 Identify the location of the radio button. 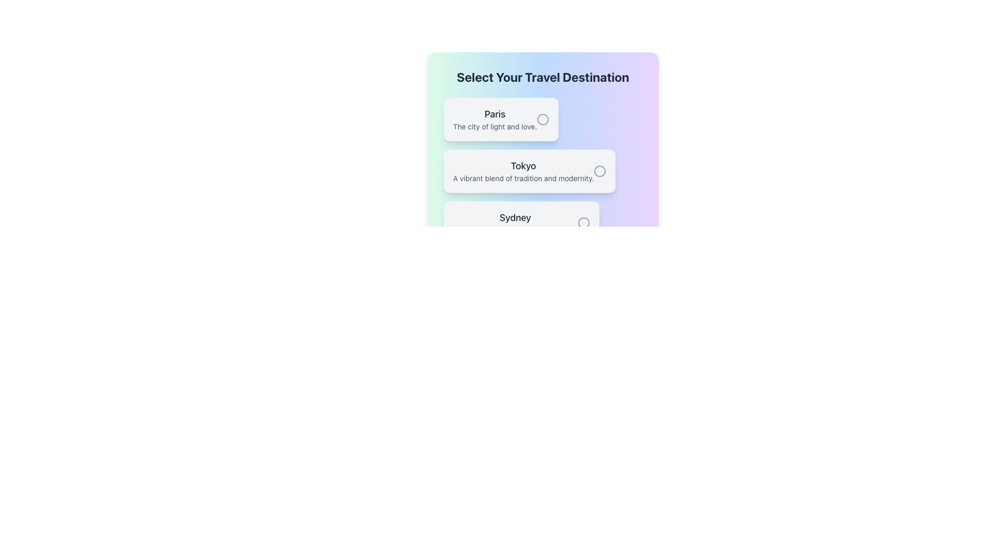
(583, 223).